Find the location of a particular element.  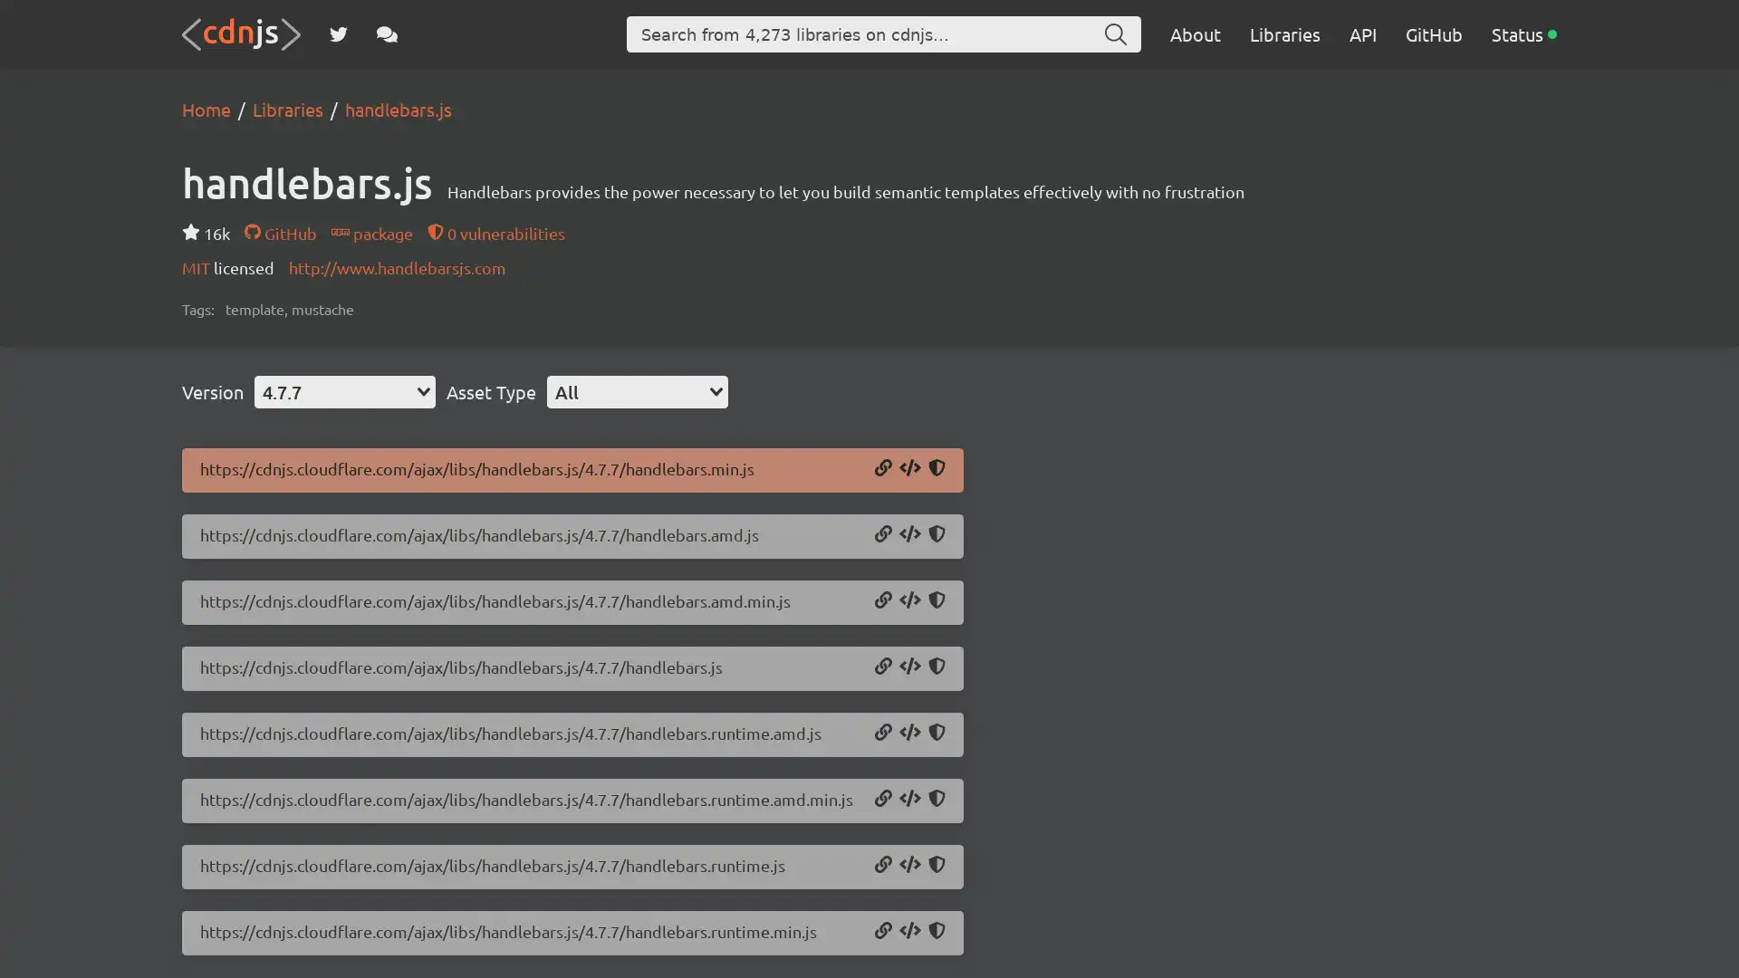

Search is located at coordinates (1115, 34).